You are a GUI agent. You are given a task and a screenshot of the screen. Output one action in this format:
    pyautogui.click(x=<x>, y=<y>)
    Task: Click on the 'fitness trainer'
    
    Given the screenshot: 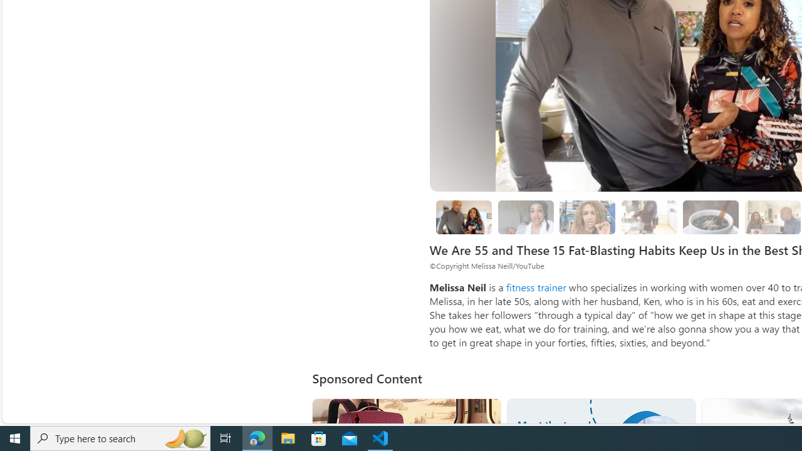 What is the action you would take?
    pyautogui.click(x=536, y=287)
    